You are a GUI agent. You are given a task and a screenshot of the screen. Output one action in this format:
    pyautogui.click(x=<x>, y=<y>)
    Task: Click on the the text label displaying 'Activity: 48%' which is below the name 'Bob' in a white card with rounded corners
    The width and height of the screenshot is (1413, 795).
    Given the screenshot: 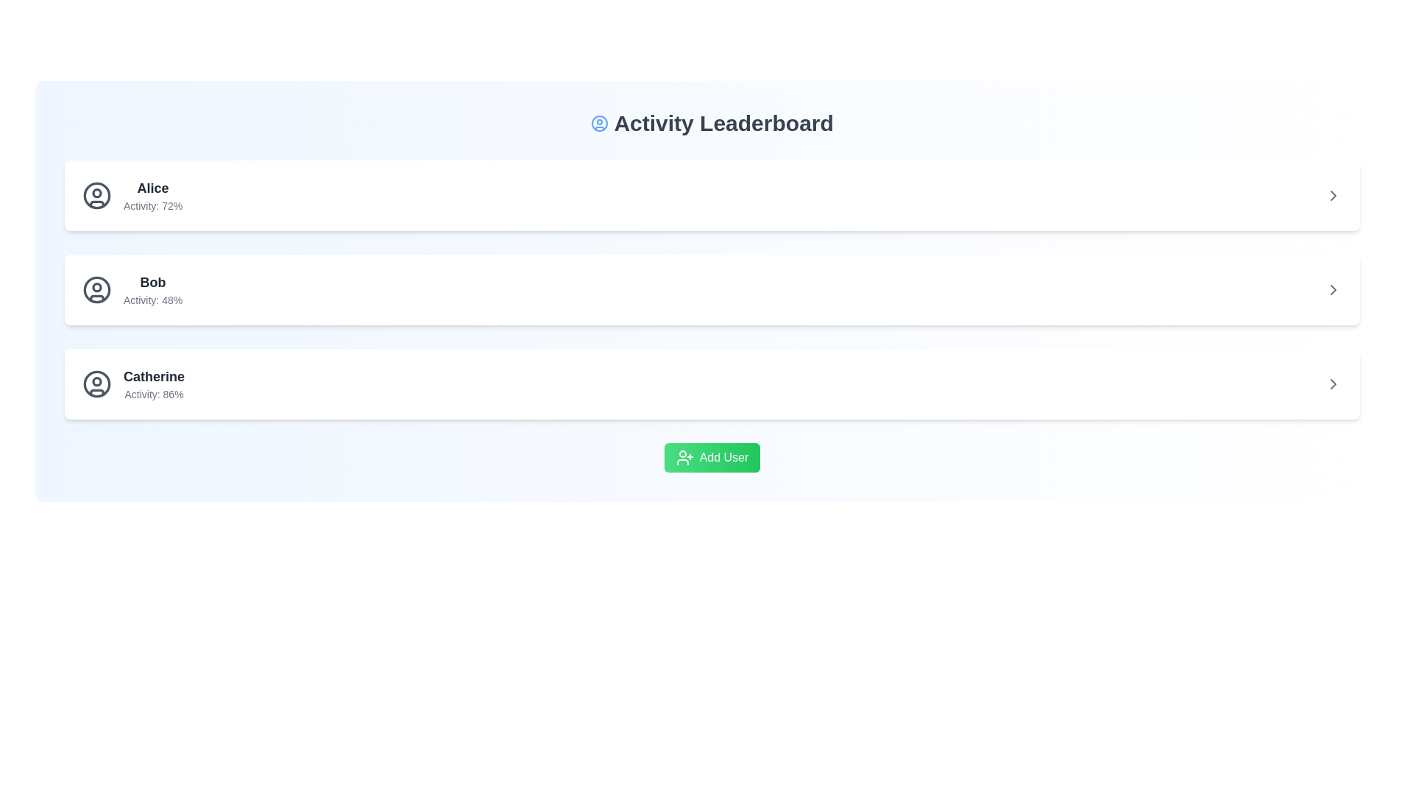 What is the action you would take?
    pyautogui.click(x=153, y=300)
    